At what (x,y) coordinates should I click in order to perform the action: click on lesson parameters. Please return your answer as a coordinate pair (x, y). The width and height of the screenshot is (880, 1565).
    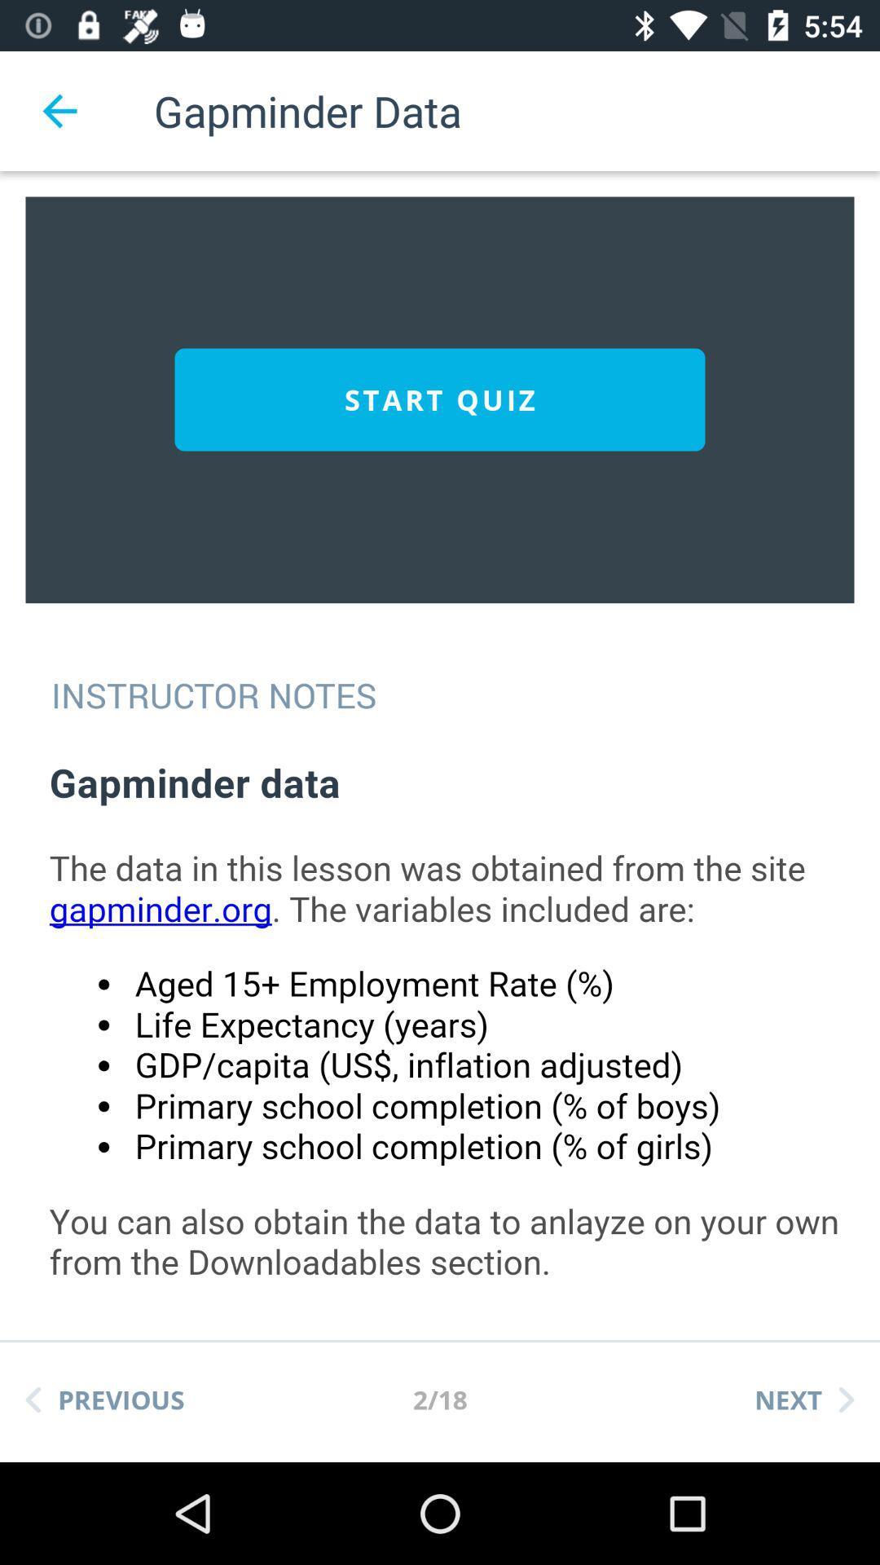
    Looking at the image, I should click on (455, 1029).